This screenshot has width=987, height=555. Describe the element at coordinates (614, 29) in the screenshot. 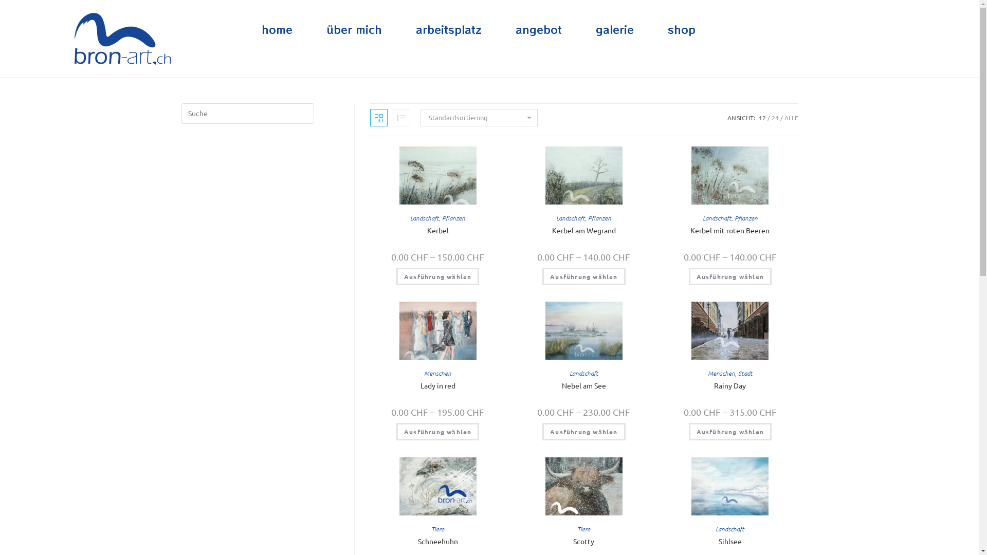

I see `'galerie'` at that location.